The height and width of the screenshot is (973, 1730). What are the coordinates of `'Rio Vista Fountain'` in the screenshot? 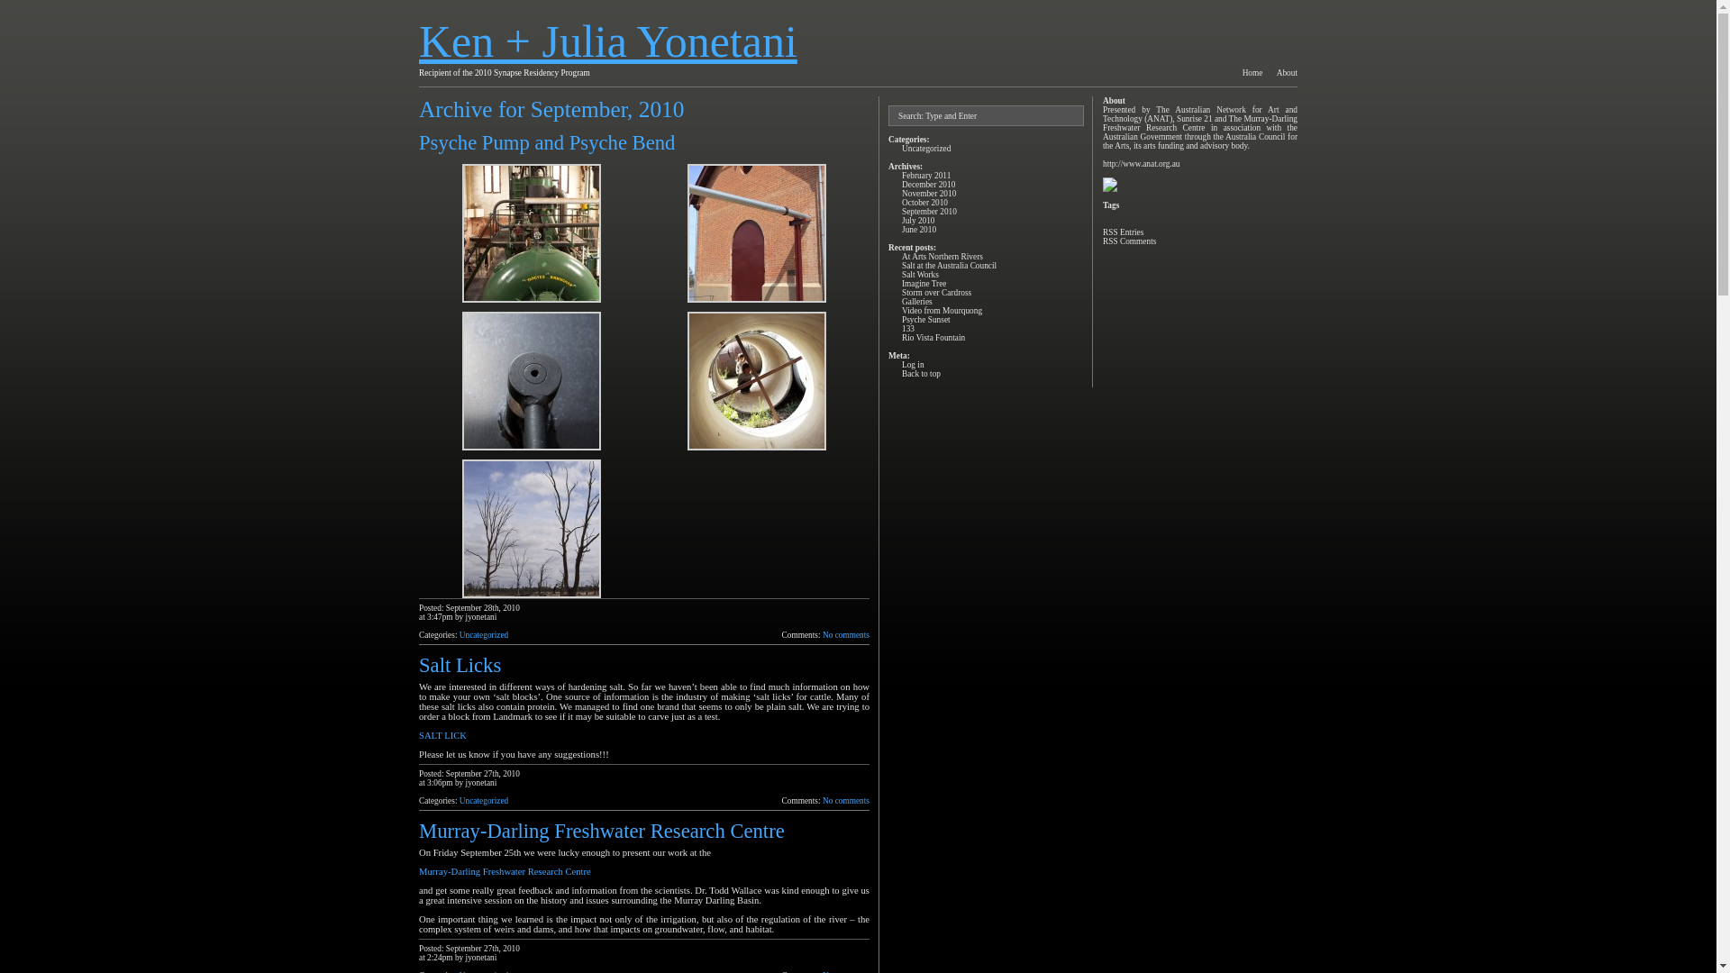 It's located at (933, 337).